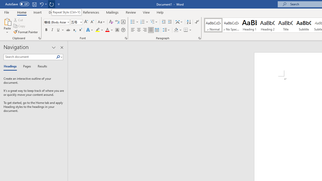 The height and width of the screenshot is (181, 322). Describe the element at coordinates (68, 30) in the screenshot. I see `'Strikethrough'` at that location.